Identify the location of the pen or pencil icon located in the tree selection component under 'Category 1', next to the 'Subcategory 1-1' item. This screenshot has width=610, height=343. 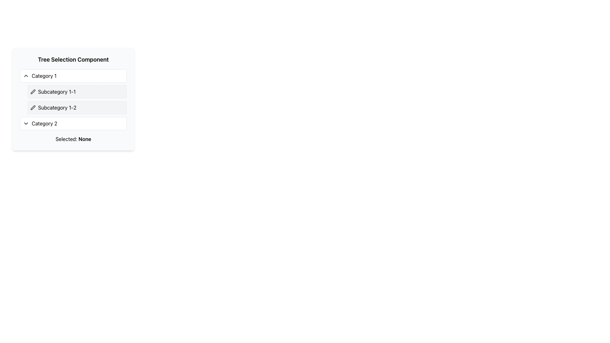
(33, 107).